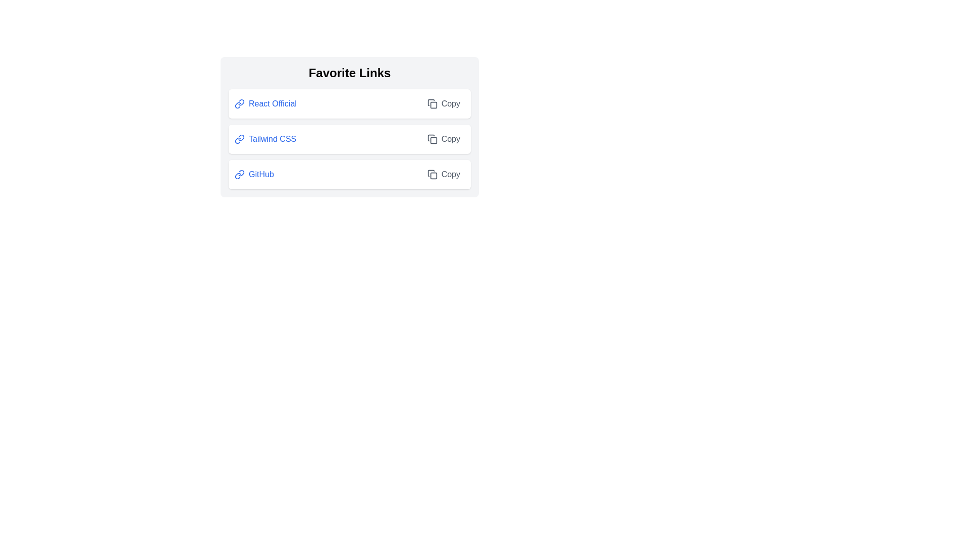 The height and width of the screenshot is (545, 969). I want to click on the hyperlink located in the first entry of the 'Favorite Links' section, so click(265, 103).